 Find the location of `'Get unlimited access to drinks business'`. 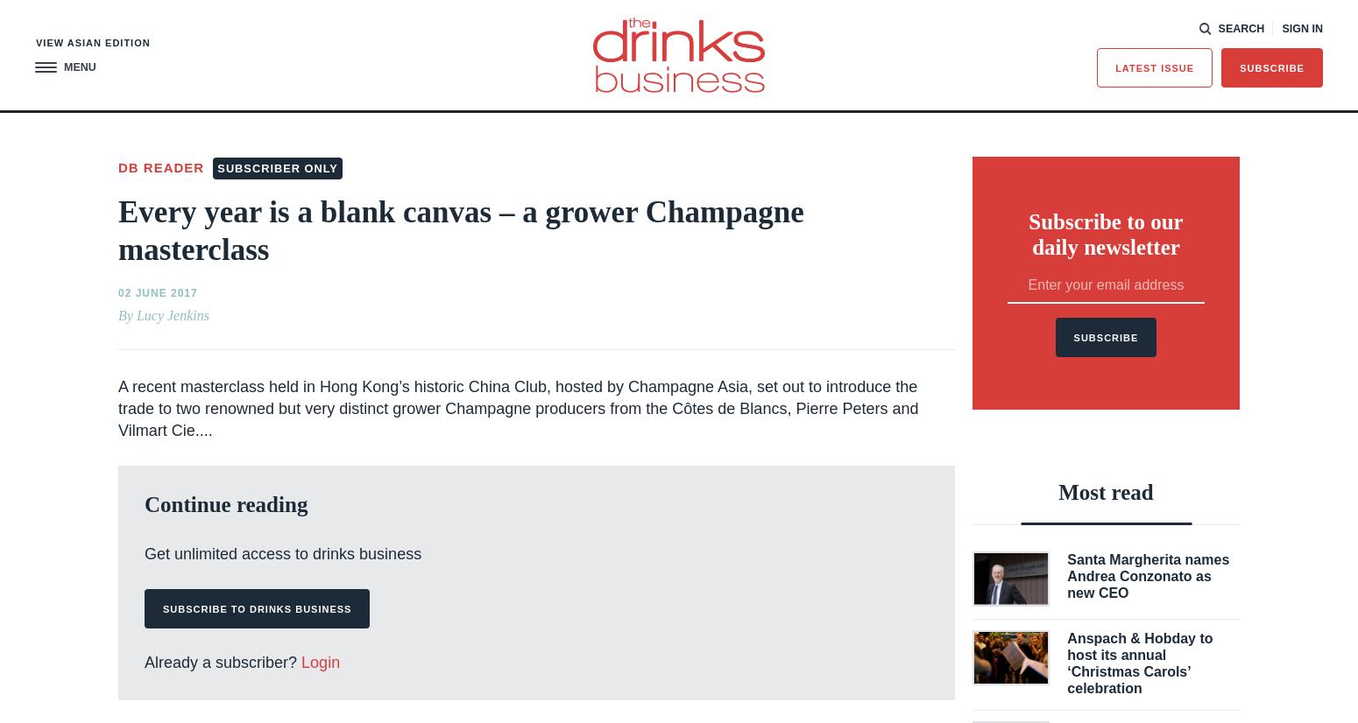

'Get unlimited access to drinks business' is located at coordinates (282, 551).